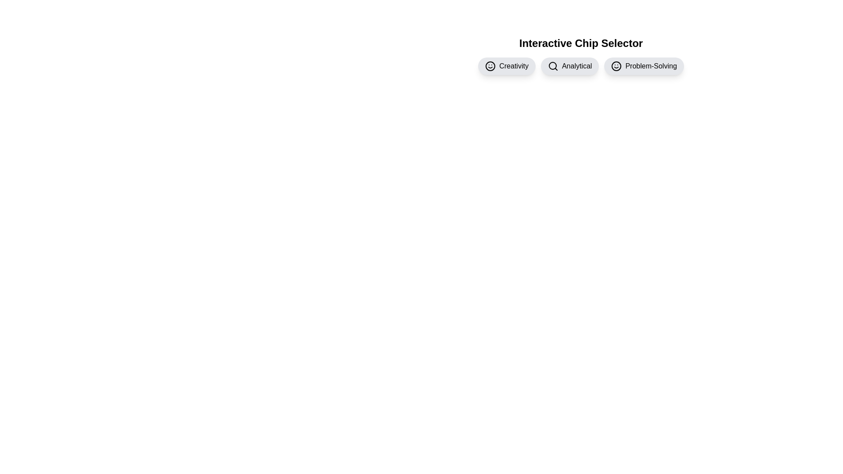 The width and height of the screenshot is (843, 474). What do you see at coordinates (570, 65) in the screenshot?
I see `the chip labeled Analytical to observe its hover effects` at bounding box center [570, 65].